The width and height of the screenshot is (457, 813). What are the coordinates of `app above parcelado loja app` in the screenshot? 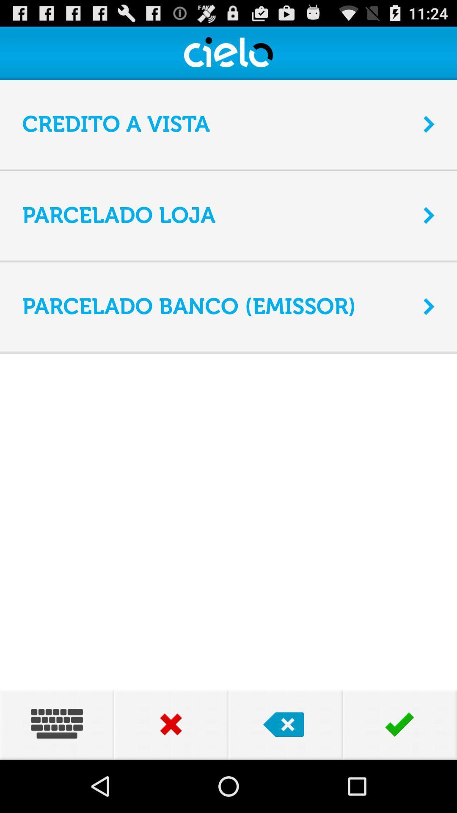 It's located at (228, 170).